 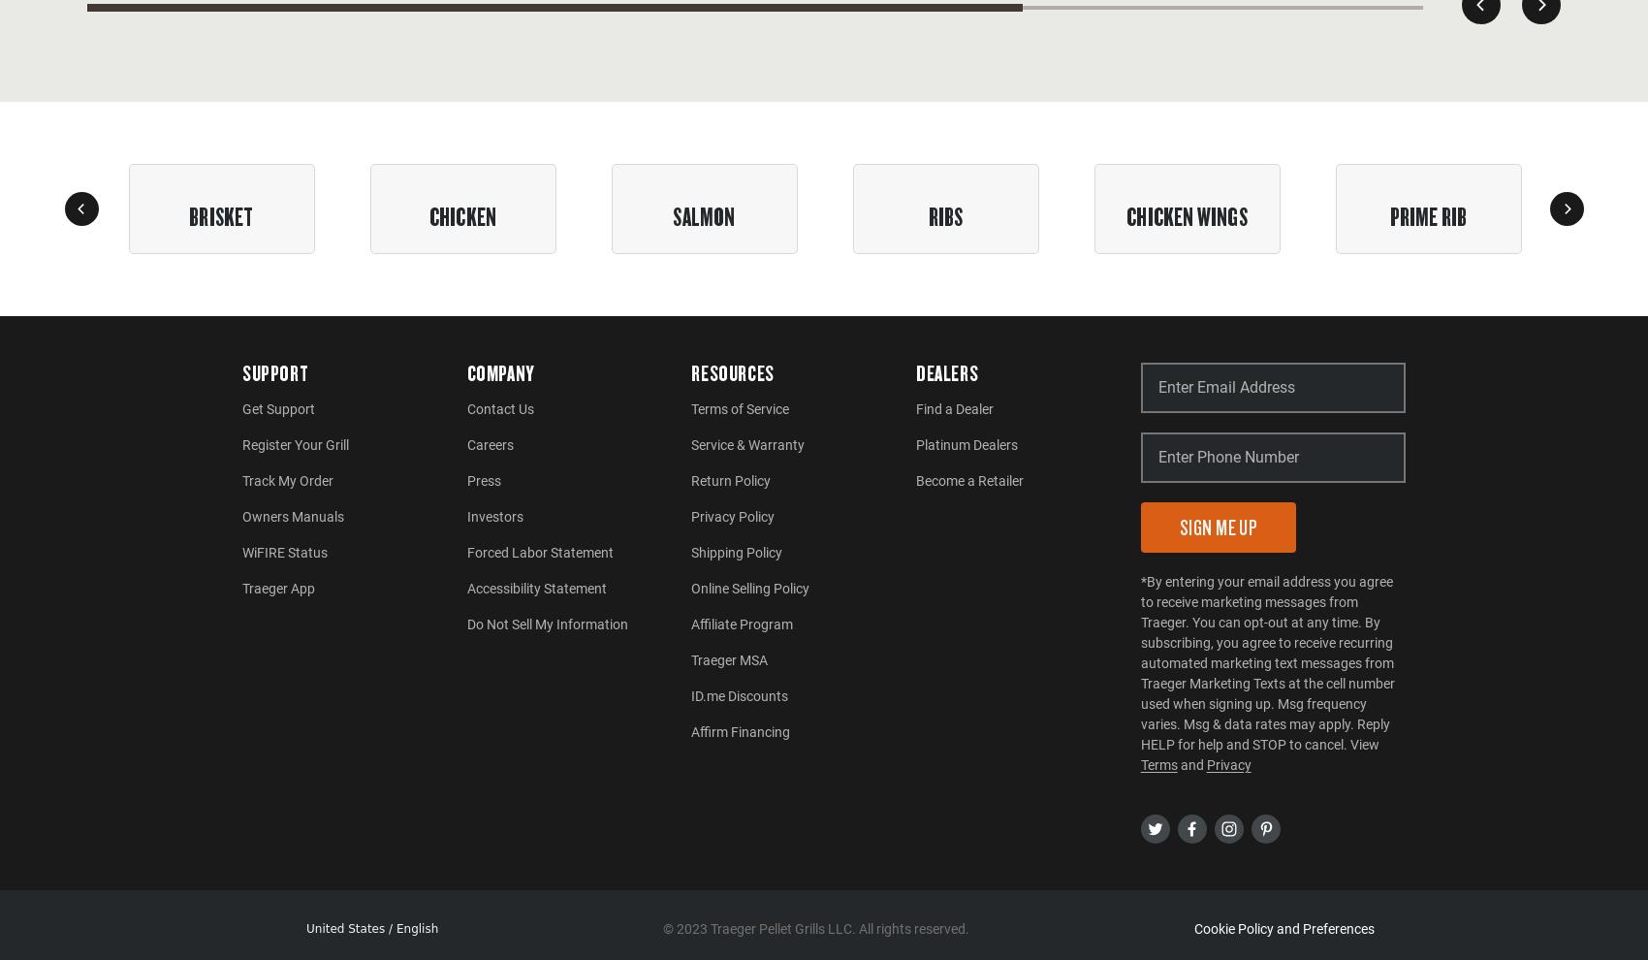 I want to click on 'Affiliate Program', so click(x=741, y=623).